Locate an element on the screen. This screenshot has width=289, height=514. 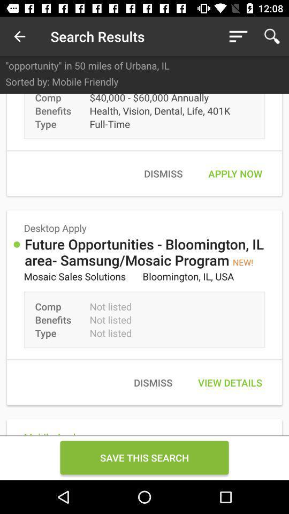
the view details is located at coordinates (230, 382).